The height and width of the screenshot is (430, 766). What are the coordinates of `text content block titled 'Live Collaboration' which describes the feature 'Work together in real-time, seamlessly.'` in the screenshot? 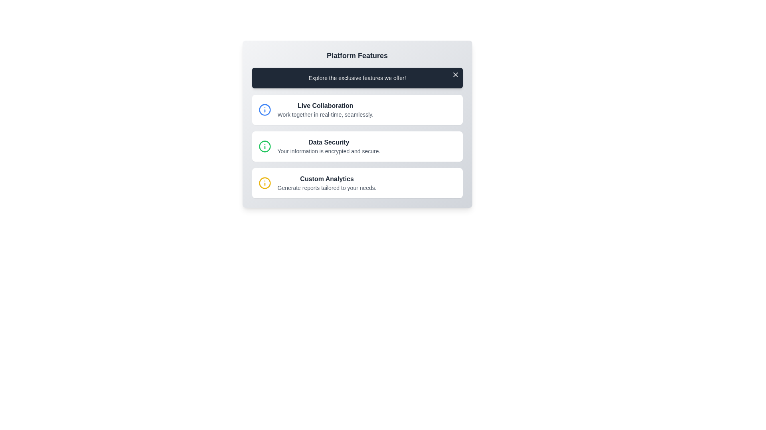 It's located at (325, 110).